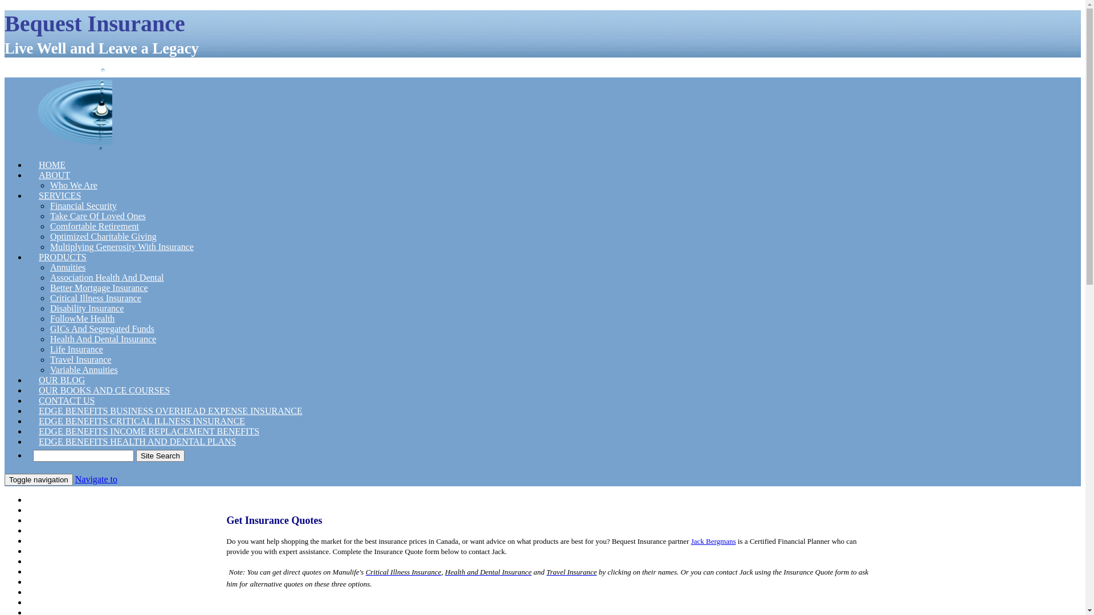  Describe the element at coordinates (81, 318) in the screenshot. I see `'FollowMe Health'` at that location.